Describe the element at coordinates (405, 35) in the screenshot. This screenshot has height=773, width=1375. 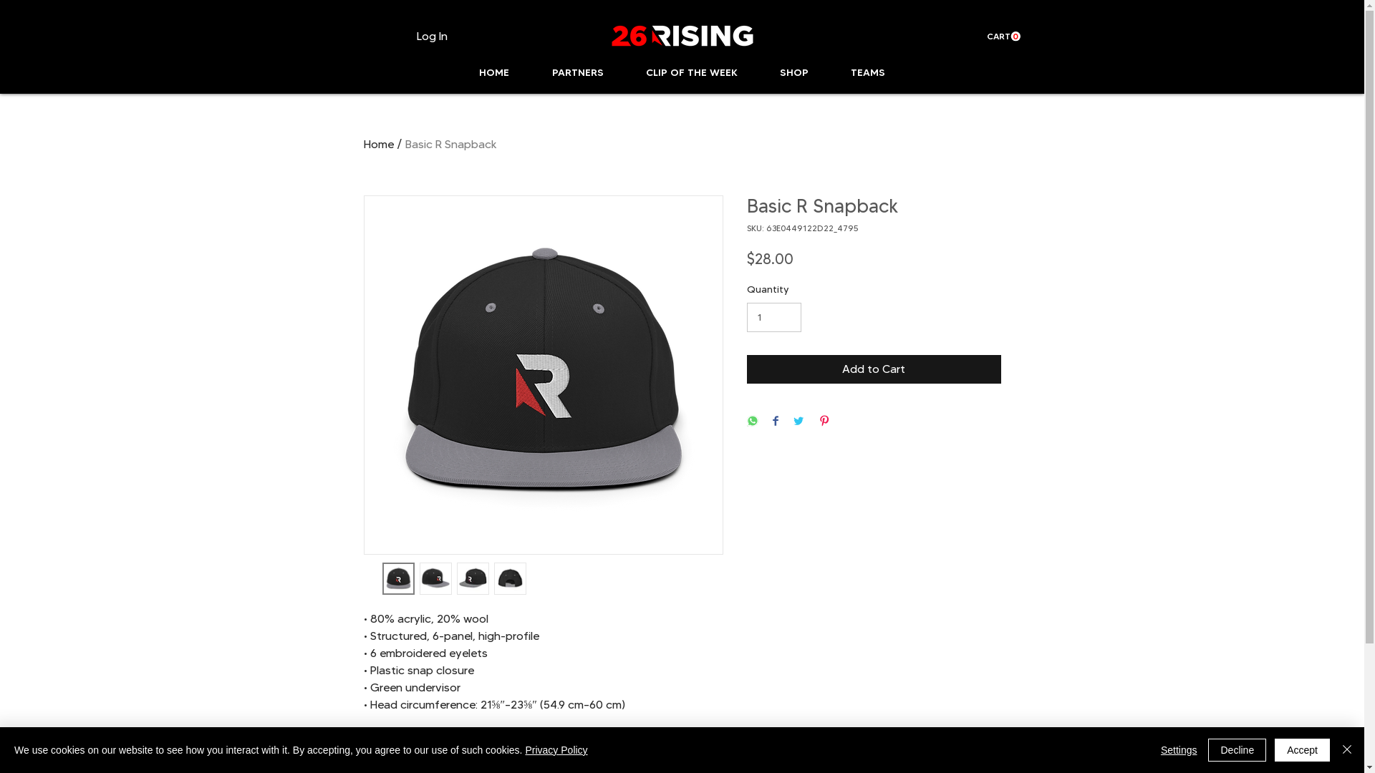
I see `'Log In'` at that location.